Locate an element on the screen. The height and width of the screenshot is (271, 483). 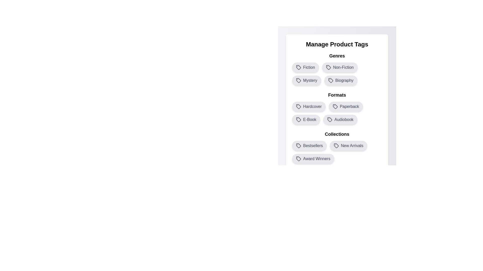
the third button in the 'Formats' section of the 'Manage Product Tags' panel is located at coordinates (306, 120).